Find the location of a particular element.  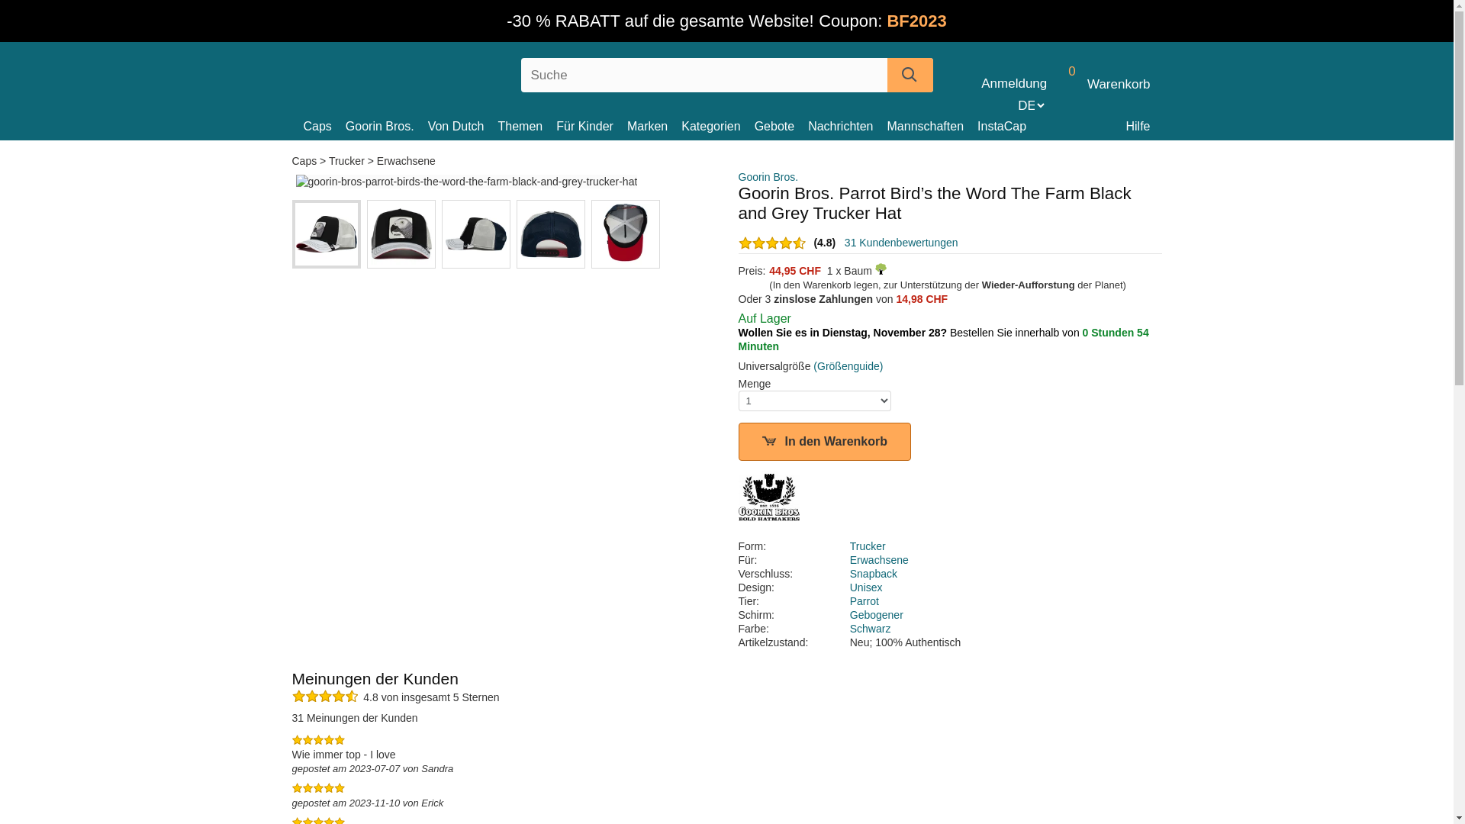

'Caps' is located at coordinates (304, 125).